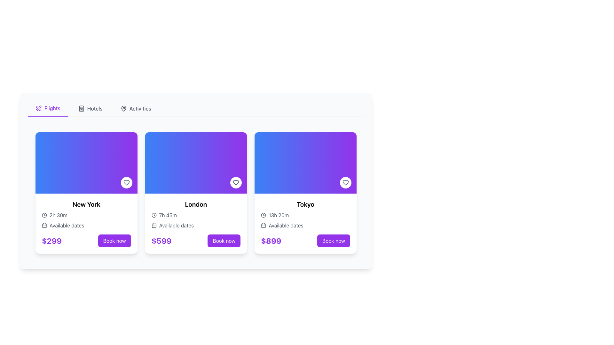 This screenshot has width=614, height=345. What do you see at coordinates (44, 225) in the screenshot?
I see `the calendar icon that signifies date selection functionality, located in the 'Available dates' section under the New York card` at bounding box center [44, 225].